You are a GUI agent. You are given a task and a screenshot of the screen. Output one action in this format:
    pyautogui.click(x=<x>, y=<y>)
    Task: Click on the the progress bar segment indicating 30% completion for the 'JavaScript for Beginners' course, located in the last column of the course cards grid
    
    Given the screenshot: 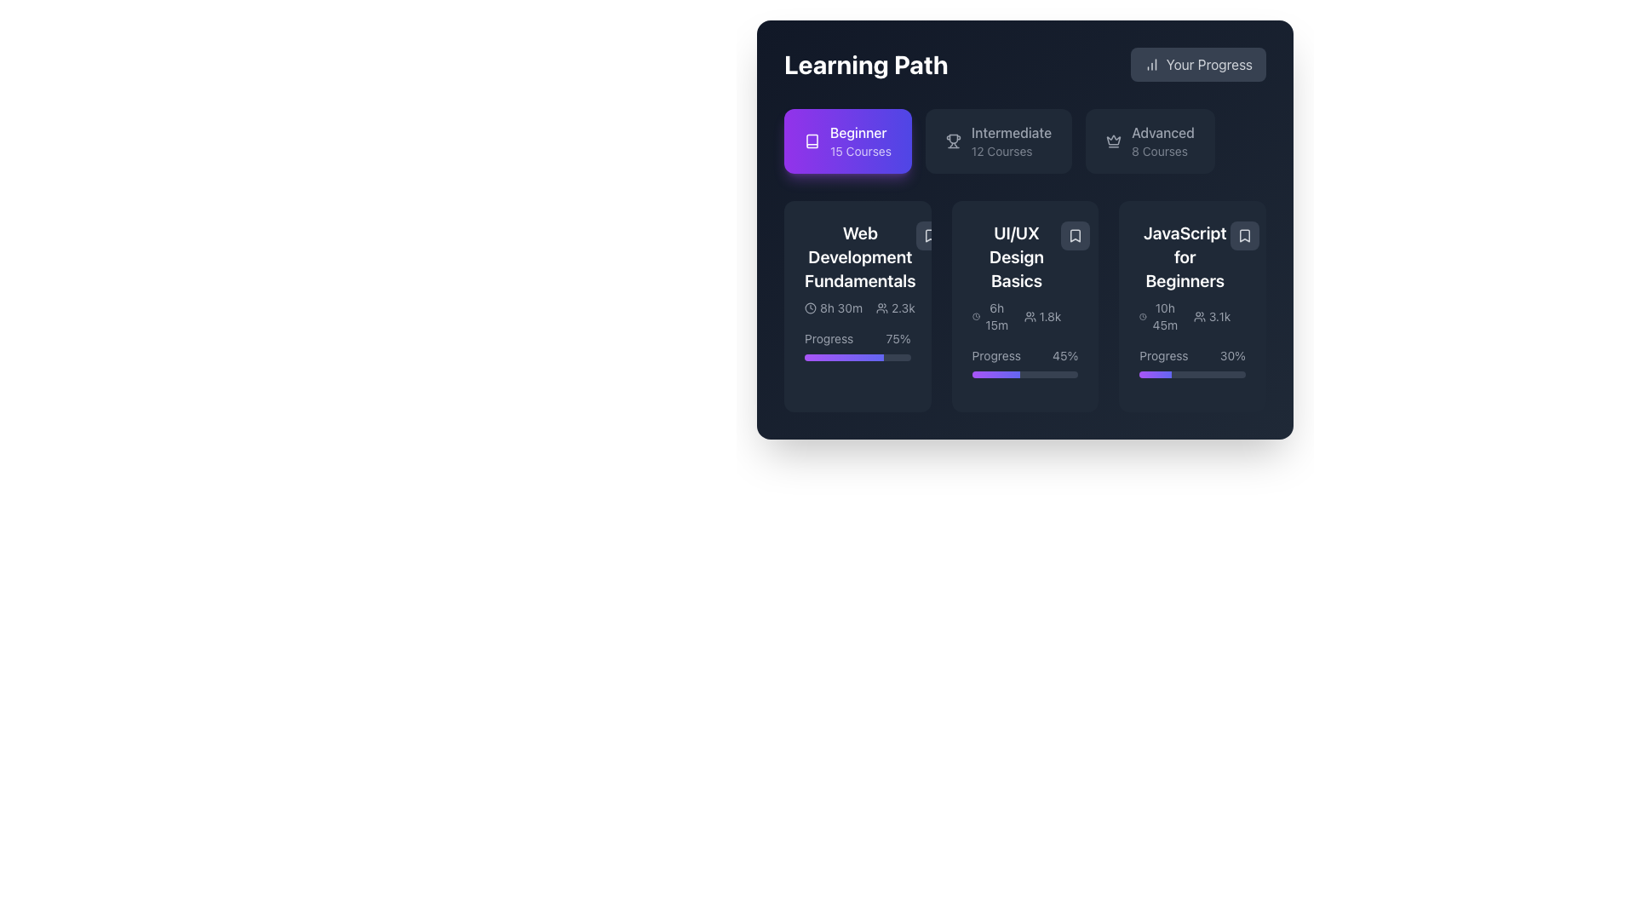 What is the action you would take?
    pyautogui.click(x=1156, y=373)
    